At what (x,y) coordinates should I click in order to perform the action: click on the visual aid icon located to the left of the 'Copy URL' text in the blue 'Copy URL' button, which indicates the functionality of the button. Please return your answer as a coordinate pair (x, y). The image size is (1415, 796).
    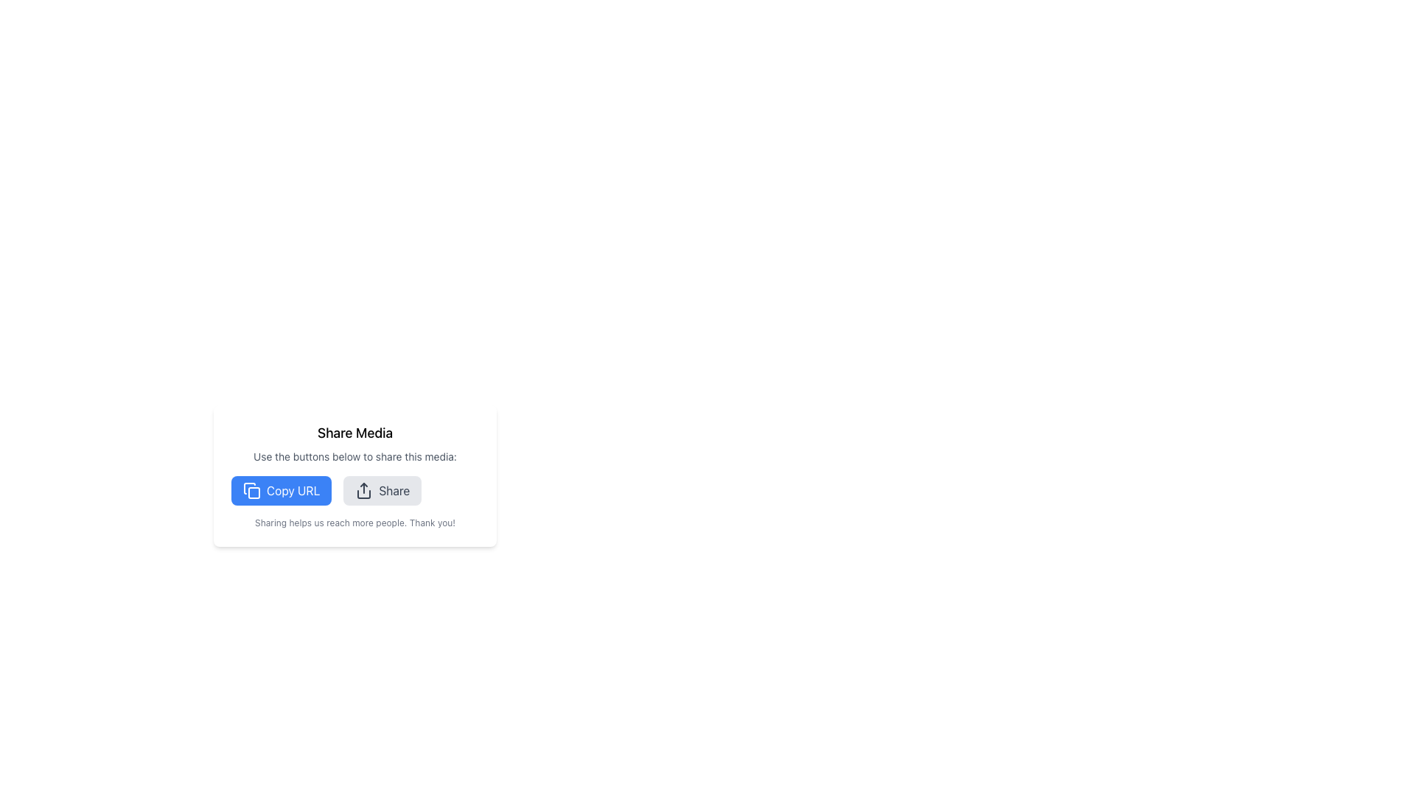
    Looking at the image, I should click on (251, 491).